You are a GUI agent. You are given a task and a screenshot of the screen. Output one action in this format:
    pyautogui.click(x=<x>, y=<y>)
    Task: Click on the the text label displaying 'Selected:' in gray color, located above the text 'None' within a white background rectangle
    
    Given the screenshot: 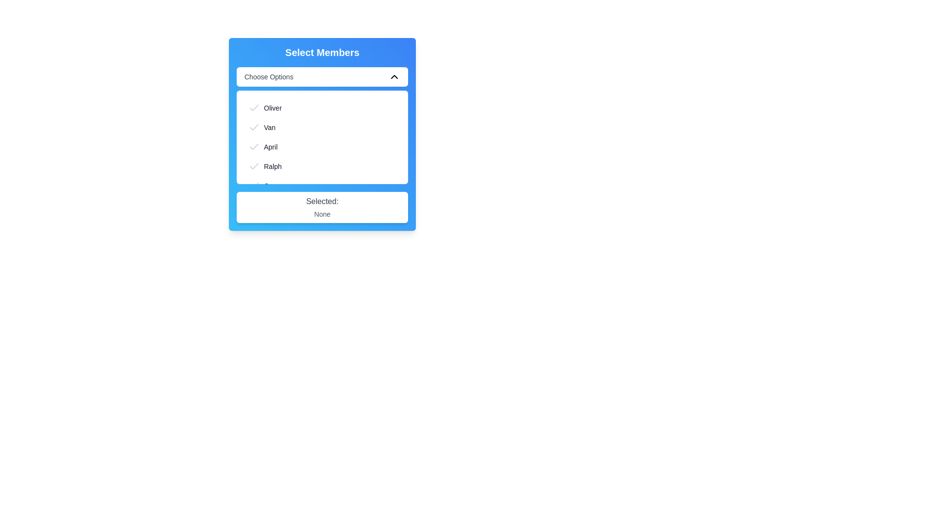 What is the action you would take?
    pyautogui.click(x=322, y=200)
    